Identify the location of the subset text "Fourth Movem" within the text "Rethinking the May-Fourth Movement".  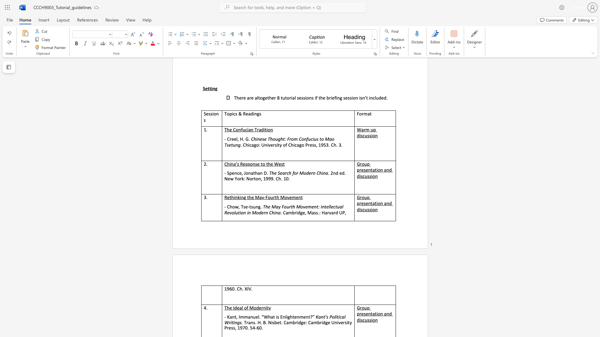
(265, 197).